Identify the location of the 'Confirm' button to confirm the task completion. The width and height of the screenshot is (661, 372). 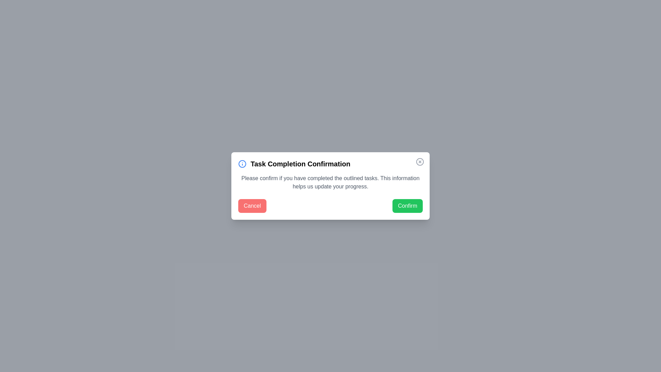
(408, 205).